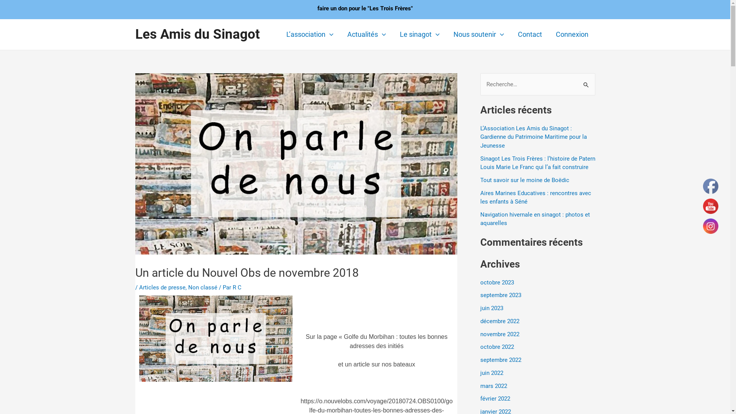 This screenshot has height=414, width=736. I want to click on 'mars 2022', so click(480, 386).